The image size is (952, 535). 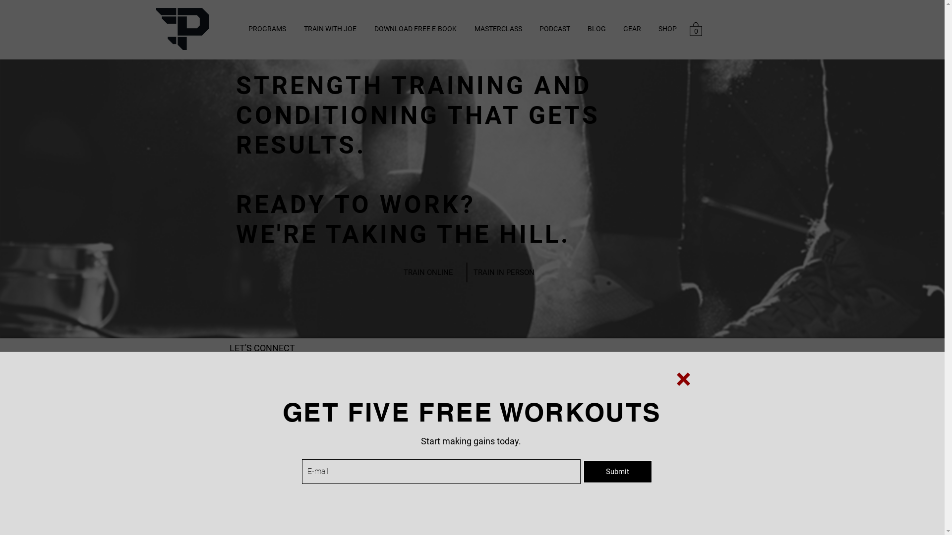 What do you see at coordinates (294, 28) in the screenshot?
I see `'TRAIN WITH JOE'` at bounding box center [294, 28].